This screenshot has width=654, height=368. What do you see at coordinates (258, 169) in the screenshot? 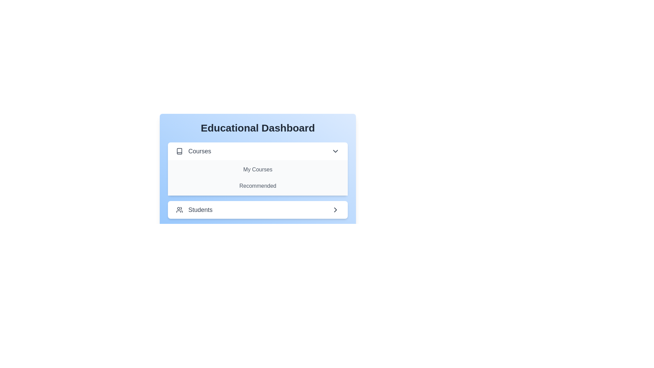
I see `the text of the section or item My Courses` at bounding box center [258, 169].